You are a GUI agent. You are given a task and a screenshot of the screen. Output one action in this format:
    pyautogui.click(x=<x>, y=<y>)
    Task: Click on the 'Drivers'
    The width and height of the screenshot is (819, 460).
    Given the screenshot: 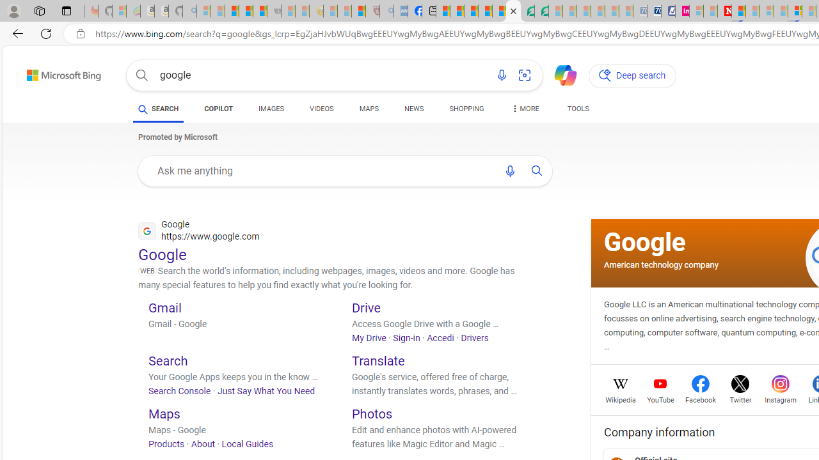 What is the action you would take?
    pyautogui.click(x=473, y=337)
    